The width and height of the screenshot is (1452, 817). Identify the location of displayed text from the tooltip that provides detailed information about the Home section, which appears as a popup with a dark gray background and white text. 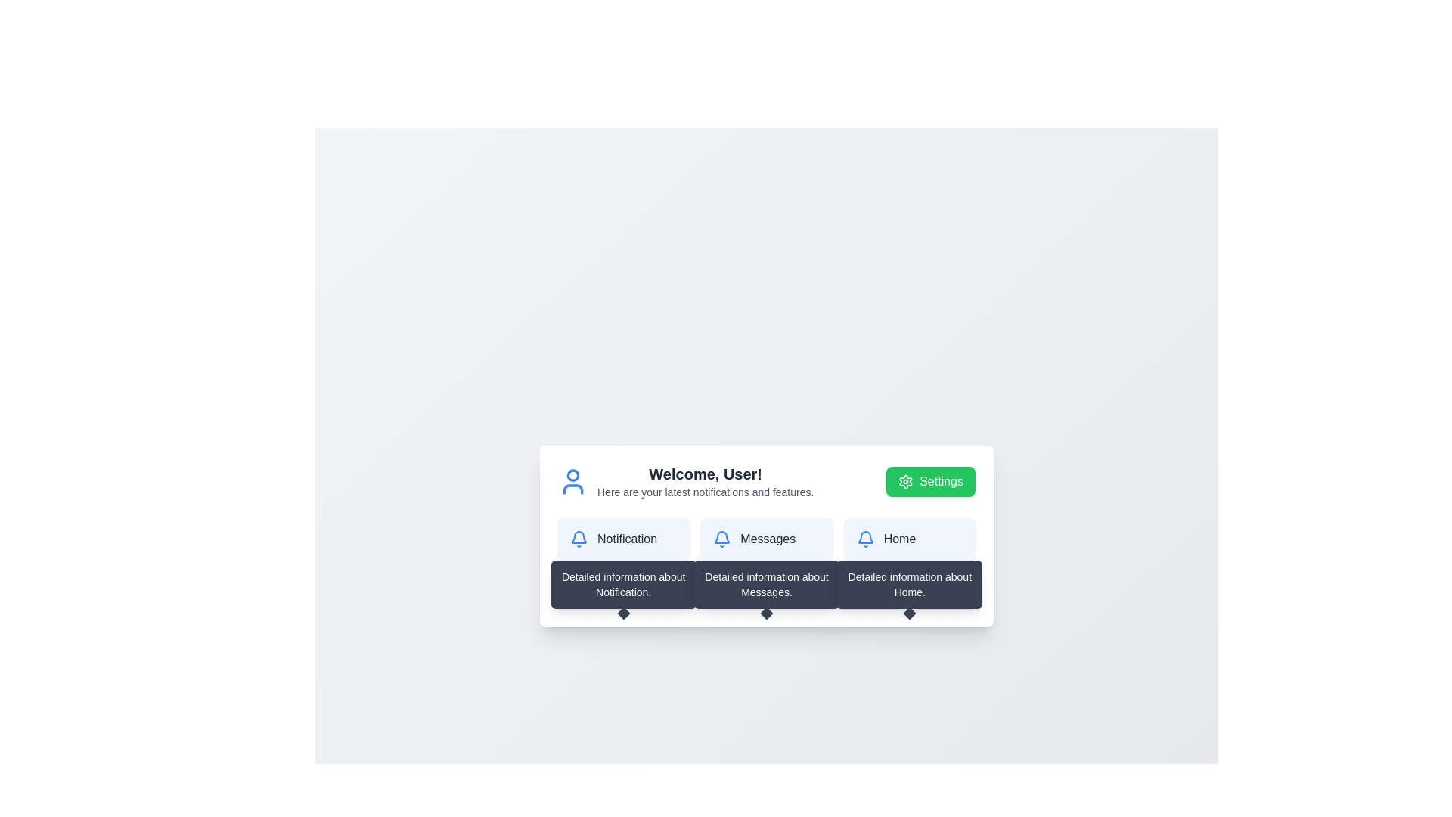
(909, 583).